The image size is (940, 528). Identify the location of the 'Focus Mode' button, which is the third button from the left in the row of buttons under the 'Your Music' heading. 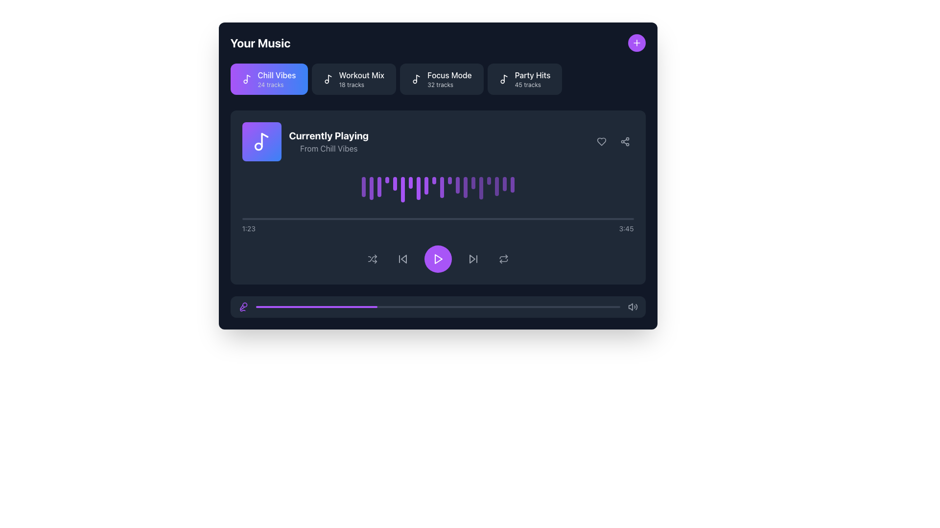
(441, 79).